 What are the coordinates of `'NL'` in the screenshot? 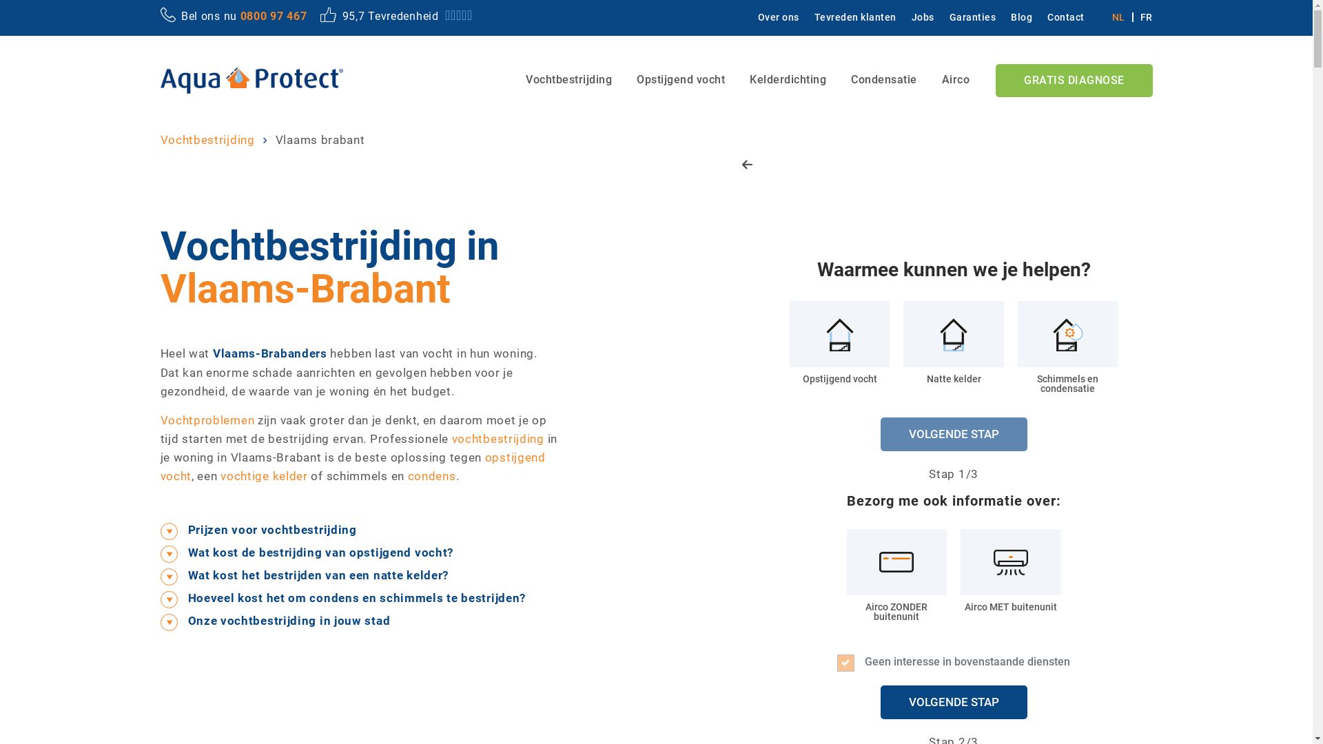 It's located at (1111, 17).